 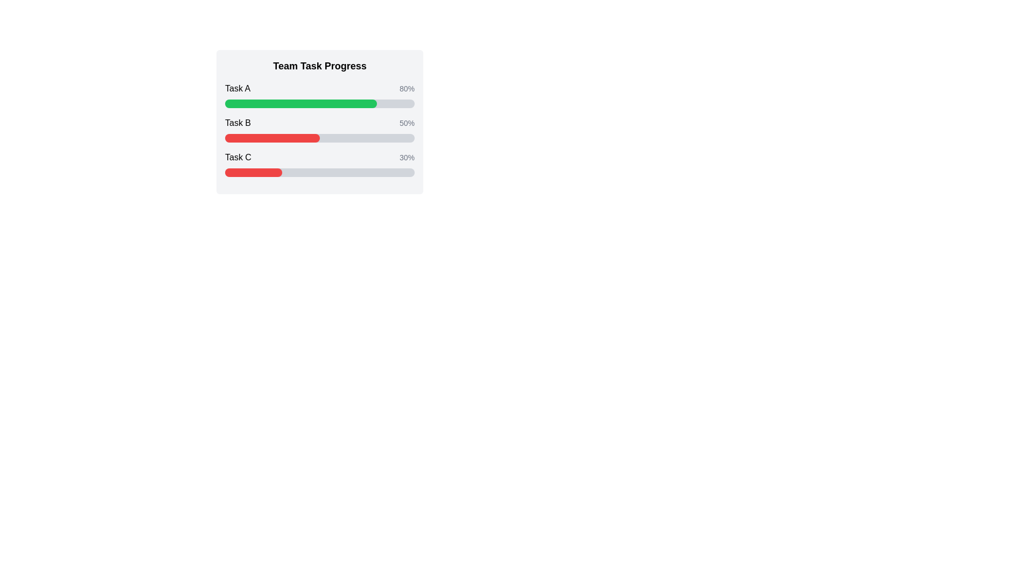 I want to click on the horizontal progress bar representing Task C, which shows 30% progress and is located under the label 'Task C30%' in the interface, so click(x=319, y=172).